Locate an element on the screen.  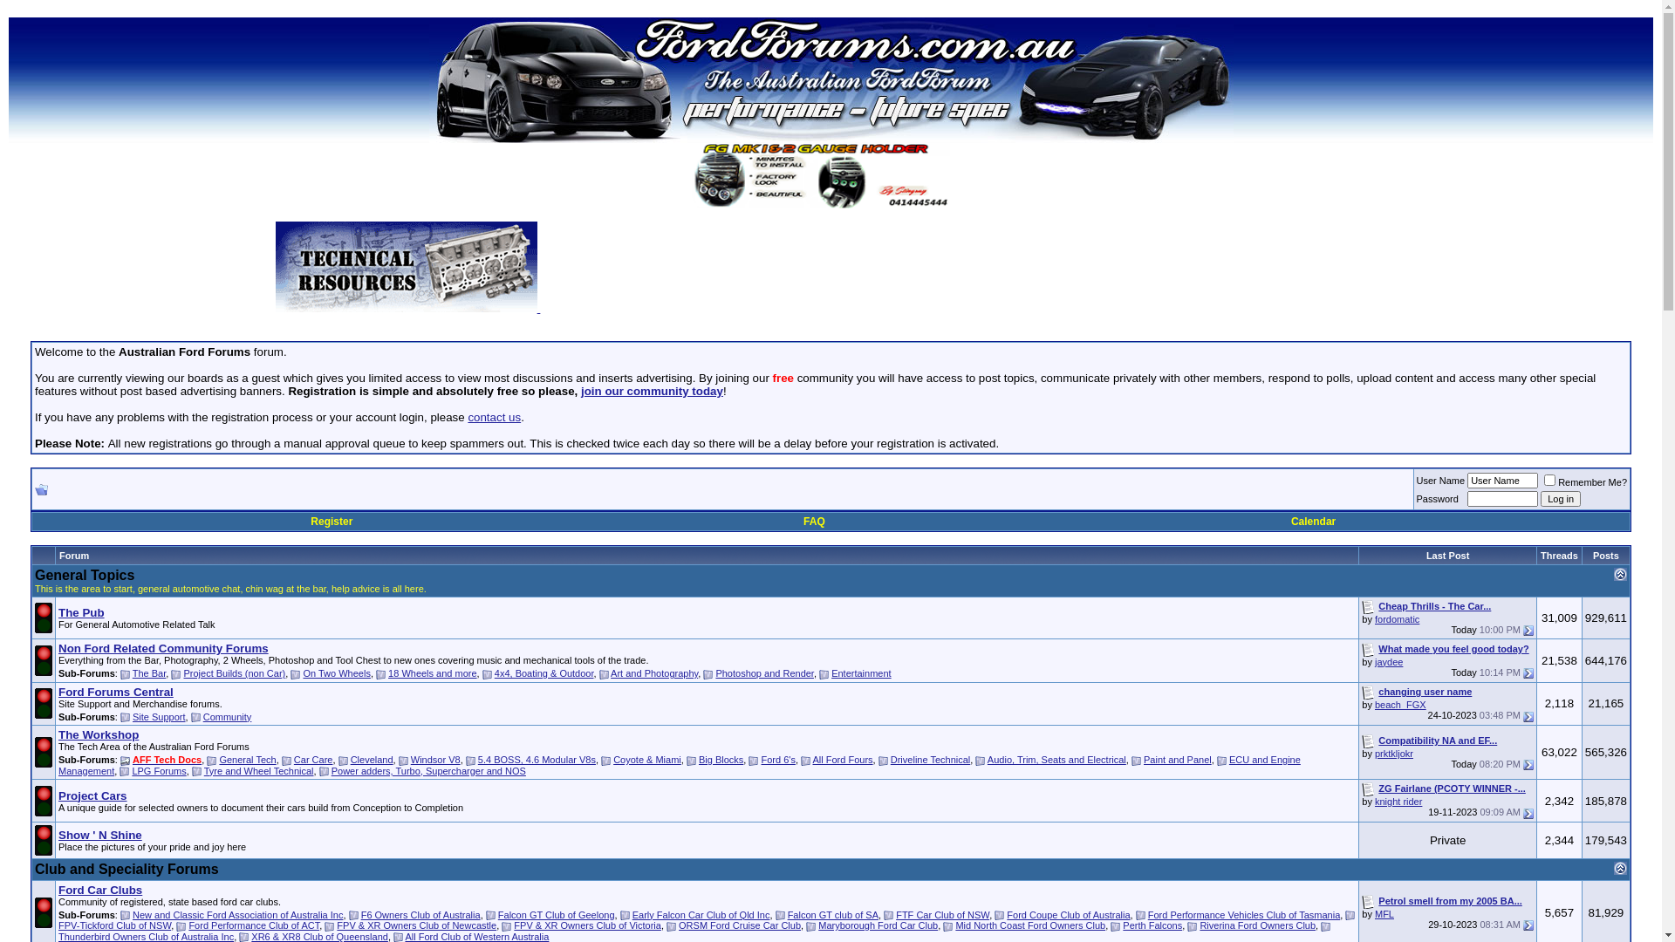
'jaydee' is located at coordinates (1388, 662).